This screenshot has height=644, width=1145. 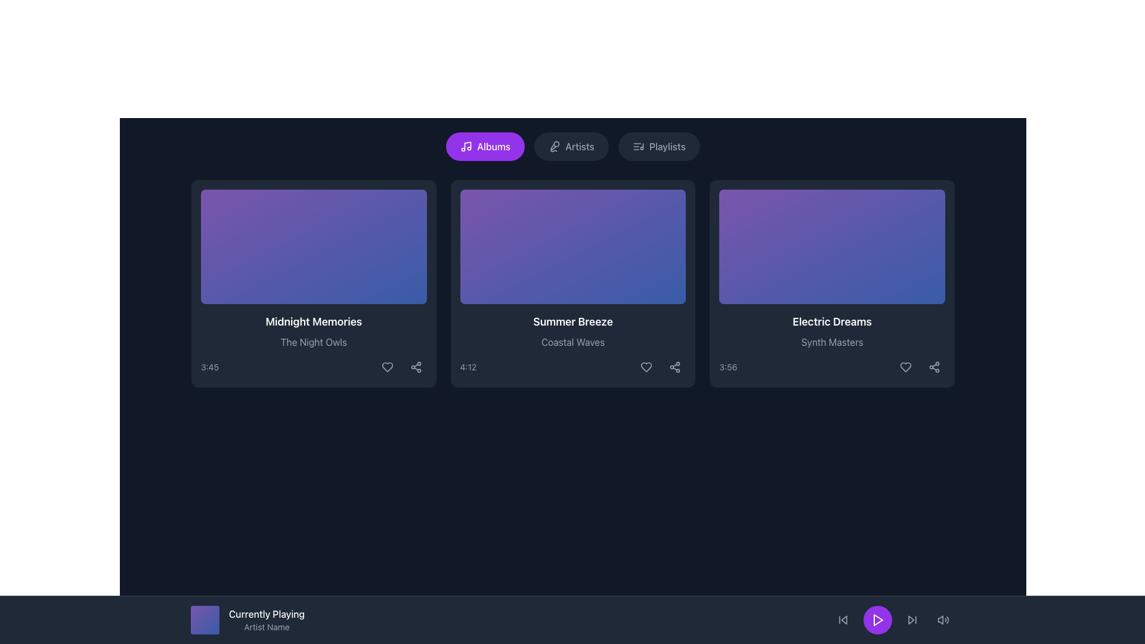 What do you see at coordinates (266, 614) in the screenshot?
I see `the 'Currently Playing' label, which is a white textual label on a dark background located in the footer section of the media playback interface` at bounding box center [266, 614].